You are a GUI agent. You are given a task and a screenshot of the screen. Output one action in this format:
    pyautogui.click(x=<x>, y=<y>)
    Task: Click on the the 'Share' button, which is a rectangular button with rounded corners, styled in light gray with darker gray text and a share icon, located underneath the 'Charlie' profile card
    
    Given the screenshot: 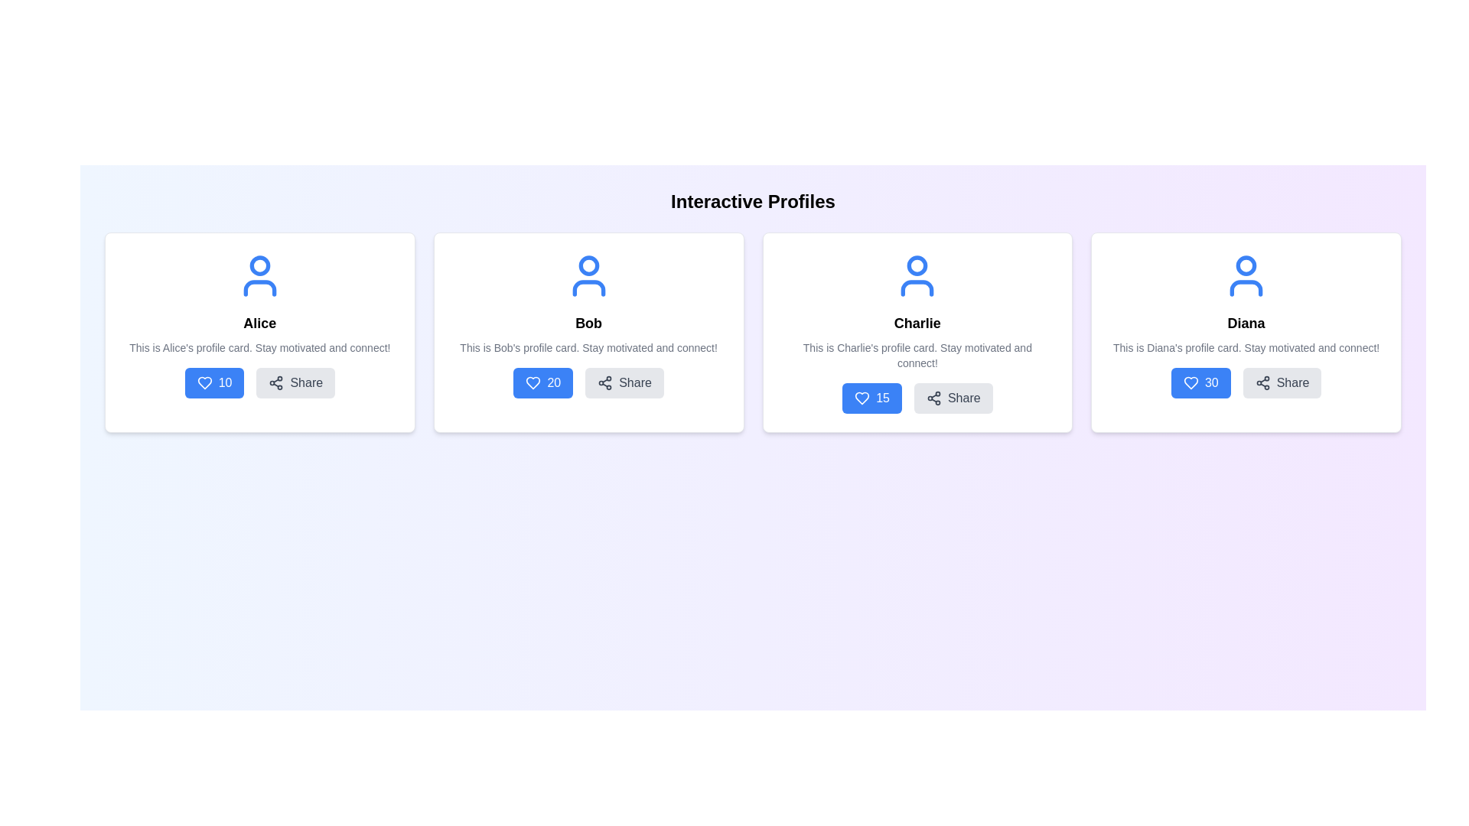 What is the action you would take?
    pyautogui.click(x=953, y=397)
    